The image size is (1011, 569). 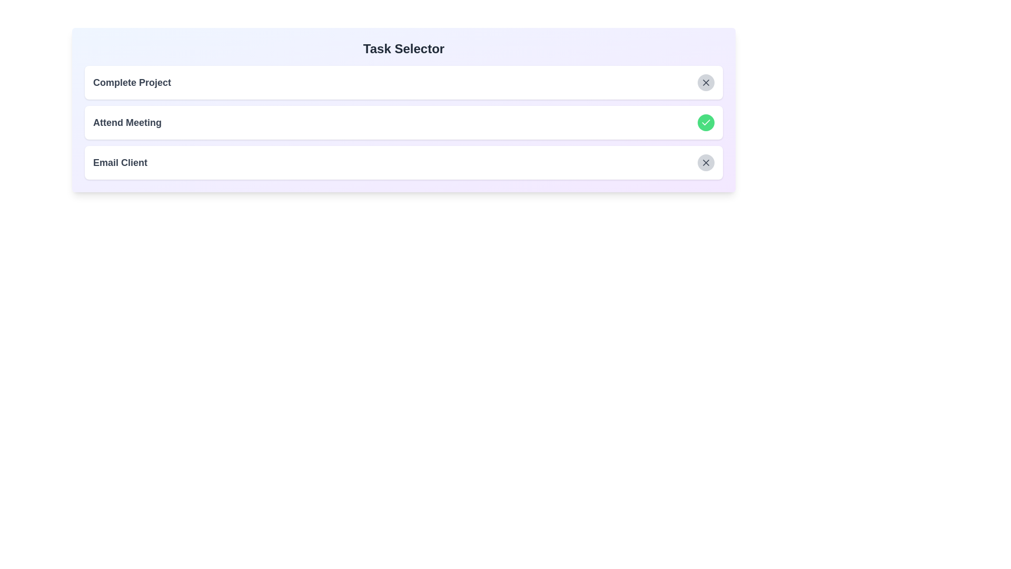 What do you see at coordinates (706, 162) in the screenshot?
I see `the task Email Client` at bounding box center [706, 162].